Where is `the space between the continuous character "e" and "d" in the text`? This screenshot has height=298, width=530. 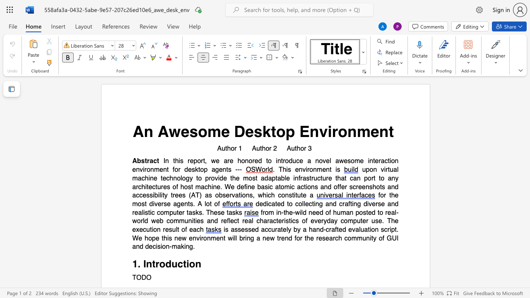
the space between the continuous character "e" and "d" in the text is located at coordinates (258, 161).